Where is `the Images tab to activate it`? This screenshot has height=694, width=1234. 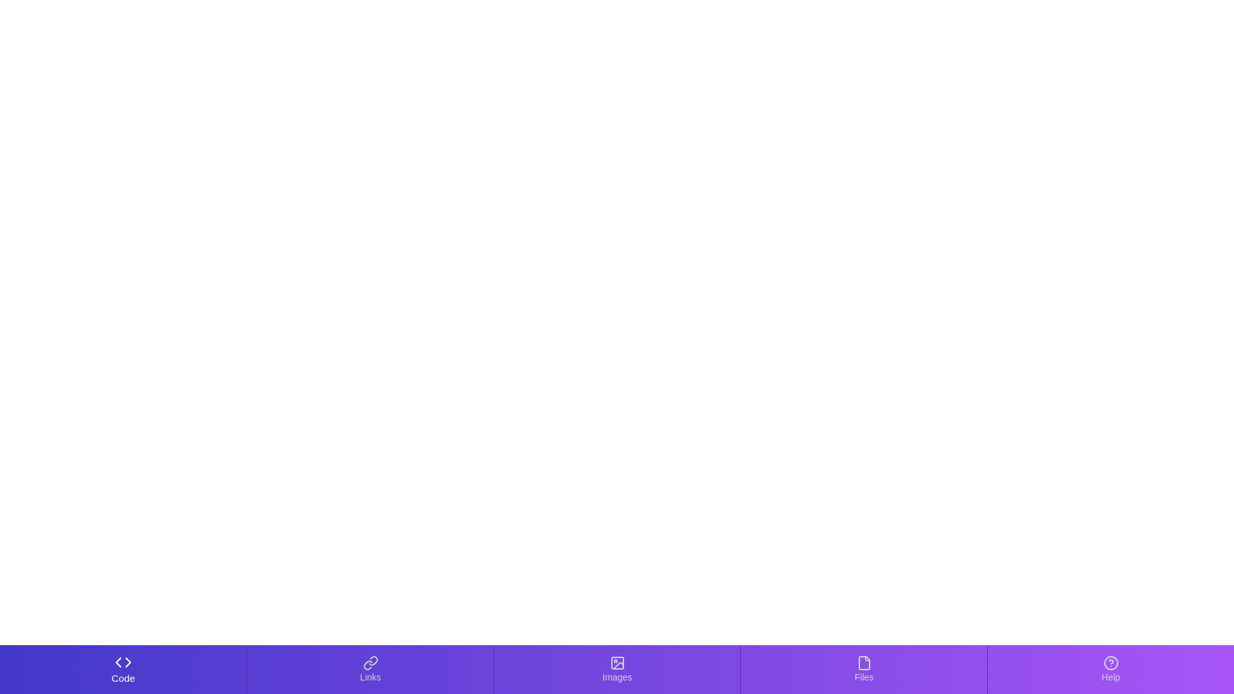
the Images tab to activate it is located at coordinates (617, 668).